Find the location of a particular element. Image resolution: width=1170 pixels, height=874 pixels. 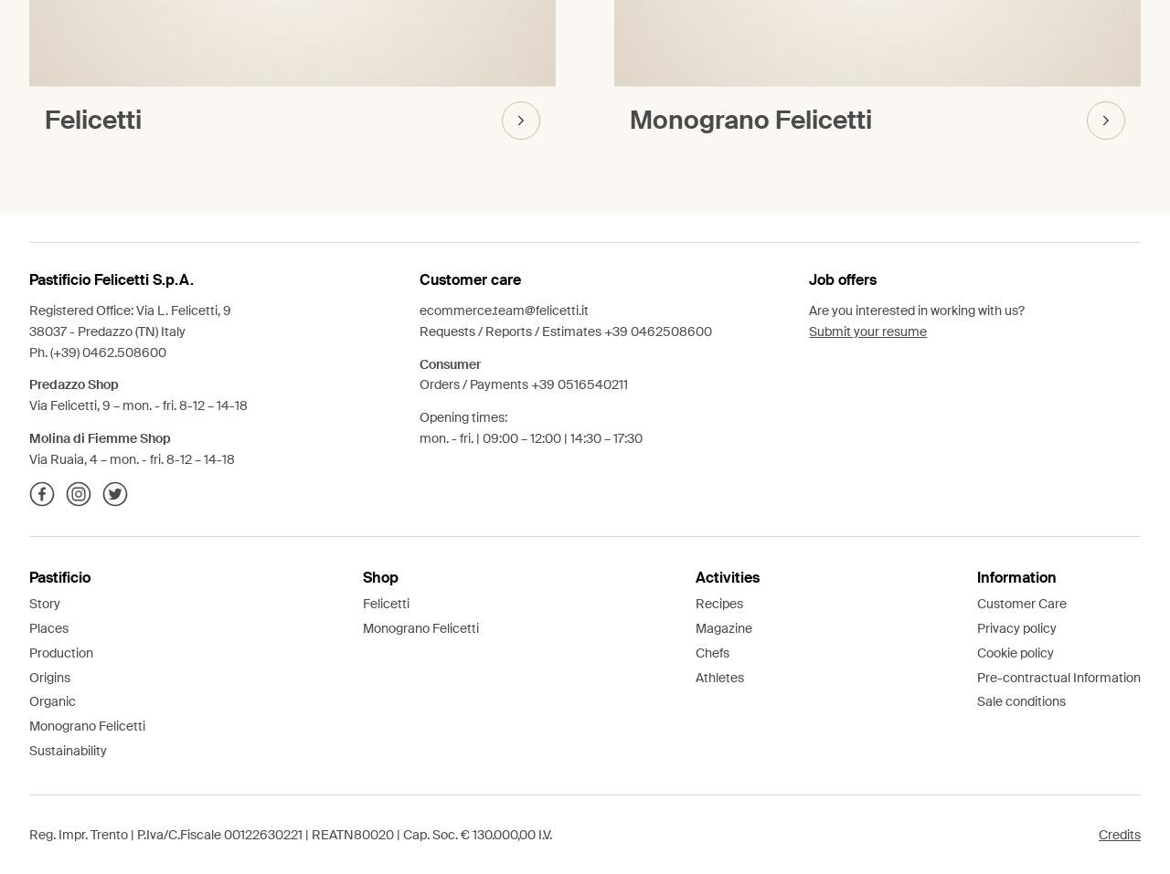

'+39 0462508600' is located at coordinates (656, 331).